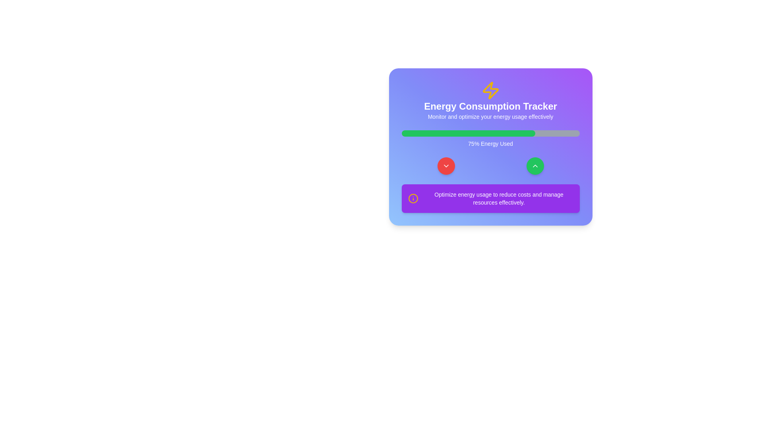  Describe the element at coordinates (535, 165) in the screenshot. I see `the upward chevron SVG icon, which is centrally located within a green circular button` at that location.